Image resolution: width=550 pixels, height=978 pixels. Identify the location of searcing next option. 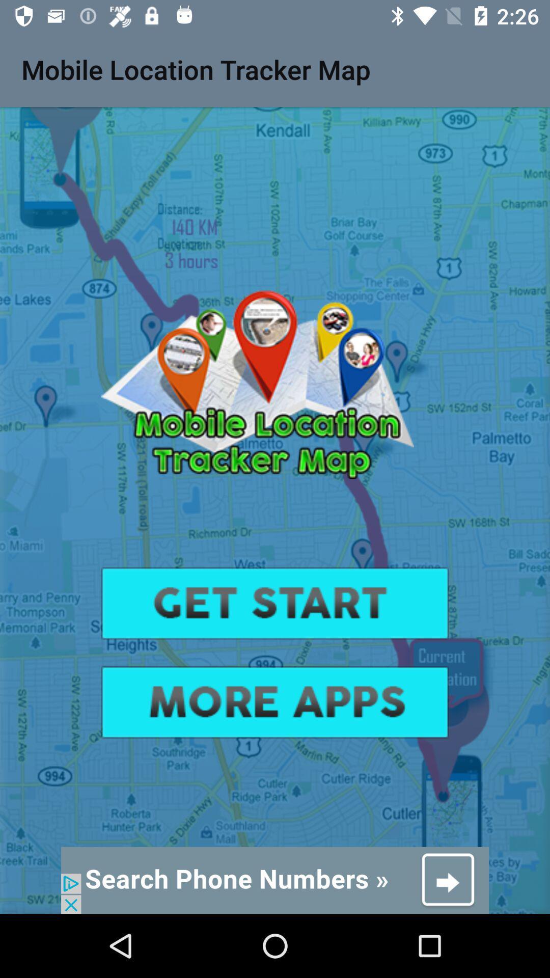
(275, 880).